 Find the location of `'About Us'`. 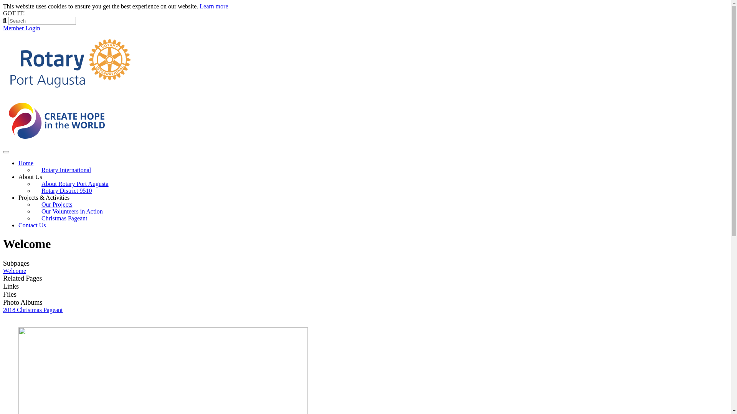

'About Us' is located at coordinates (30, 177).